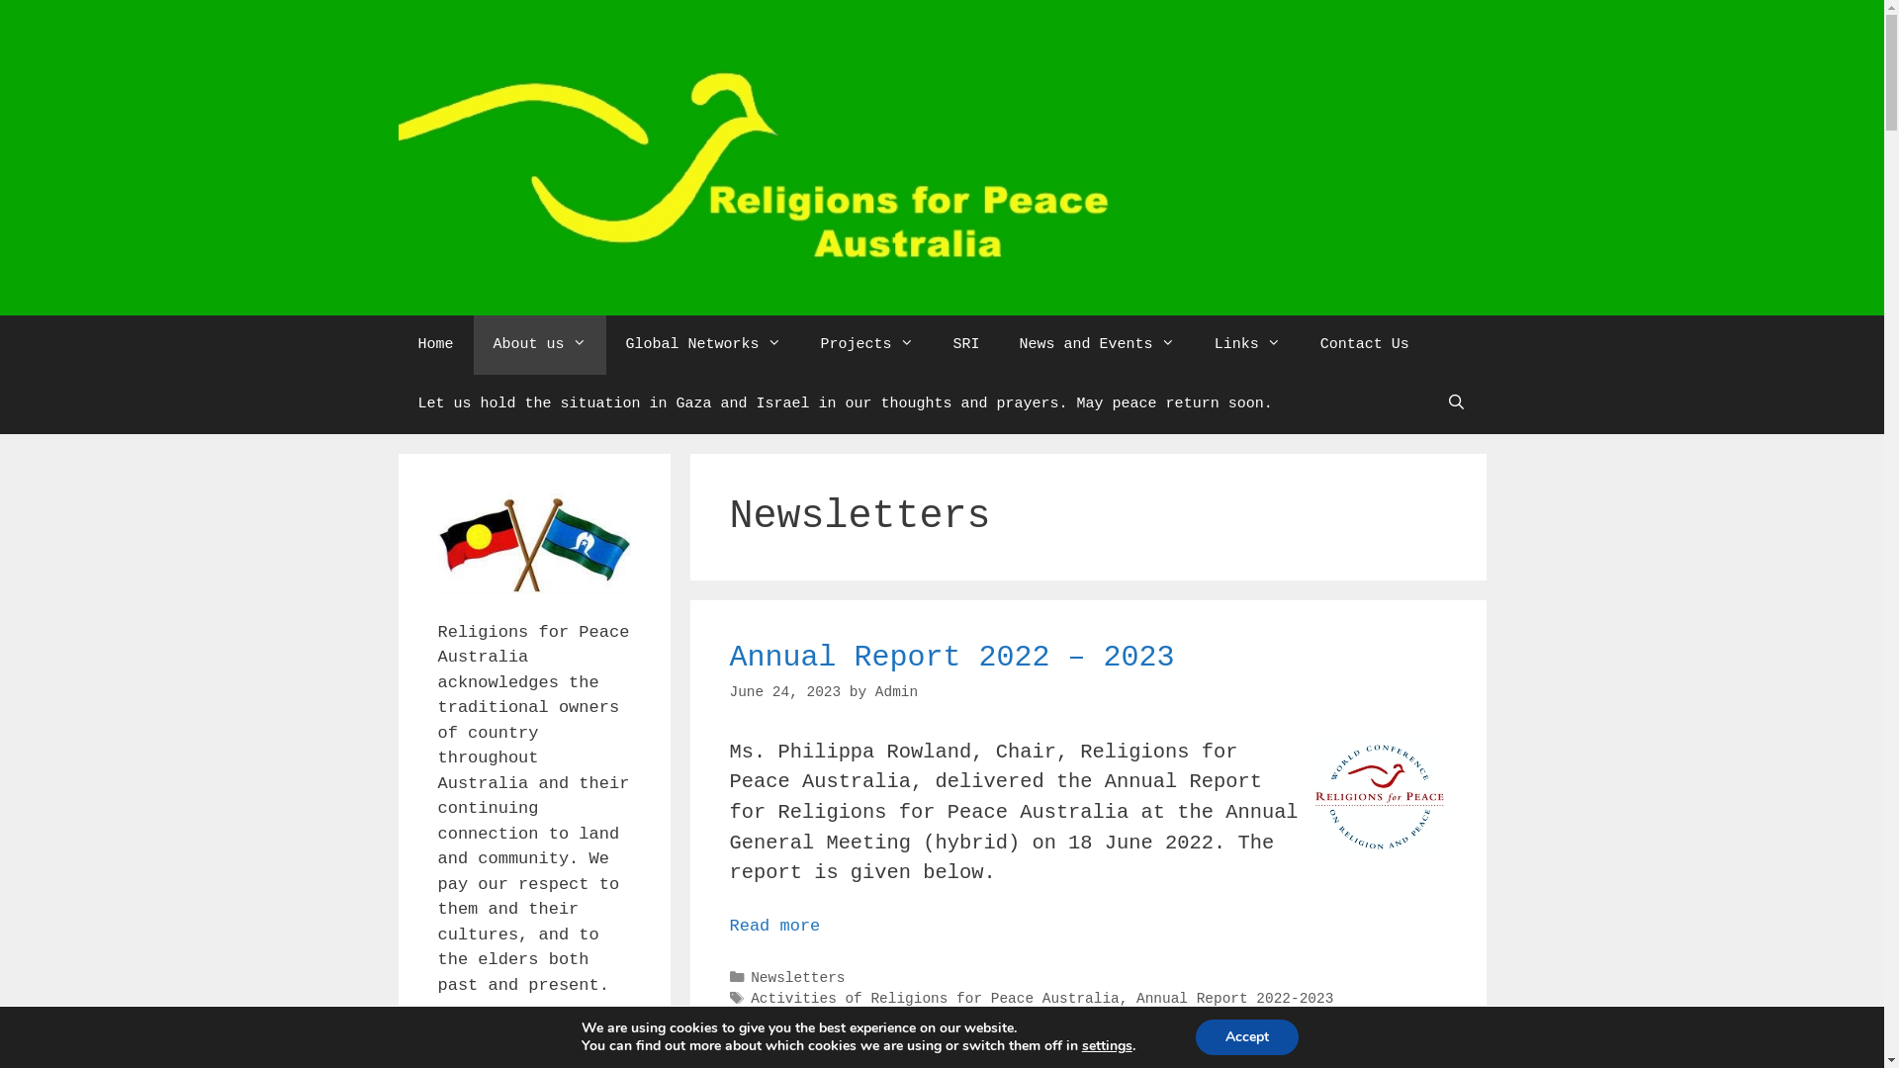  What do you see at coordinates (434, 343) in the screenshot?
I see `'Home'` at bounding box center [434, 343].